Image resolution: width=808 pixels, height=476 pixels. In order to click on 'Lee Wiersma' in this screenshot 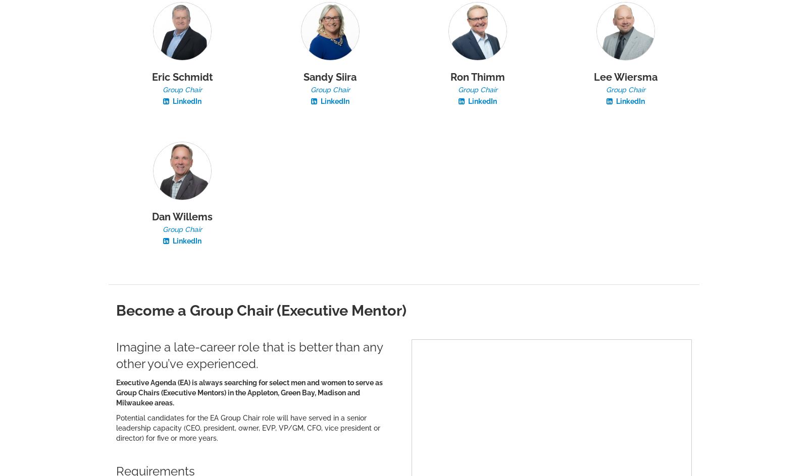, I will do `click(624, 77)`.